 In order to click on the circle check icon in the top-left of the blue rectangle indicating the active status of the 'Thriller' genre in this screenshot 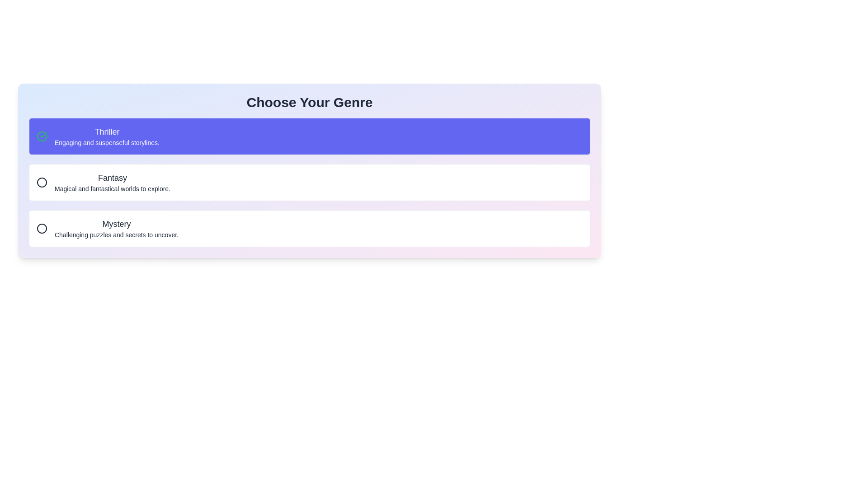, I will do `click(41, 136)`.